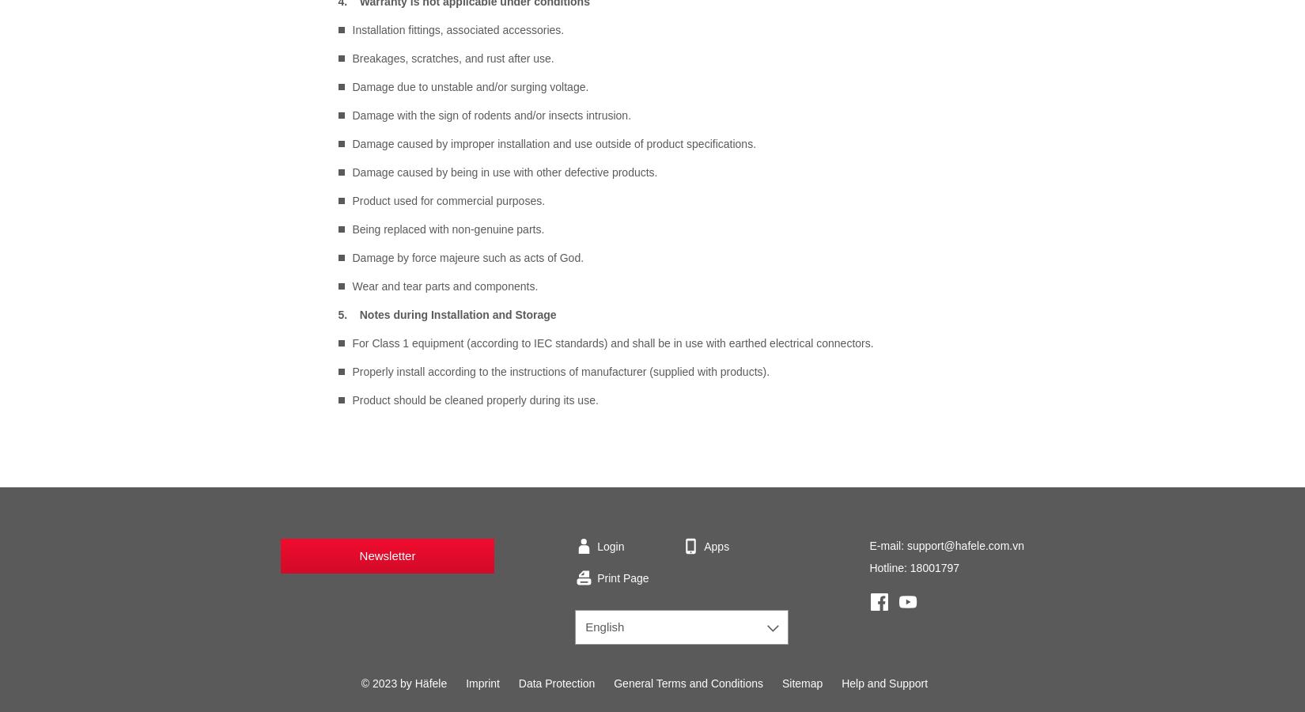 This screenshot has height=712, width=1305. What do you see at coordinates (887, 545) in the screenshot?
I see `'E-mail:'` at bounding box center [887, 545].